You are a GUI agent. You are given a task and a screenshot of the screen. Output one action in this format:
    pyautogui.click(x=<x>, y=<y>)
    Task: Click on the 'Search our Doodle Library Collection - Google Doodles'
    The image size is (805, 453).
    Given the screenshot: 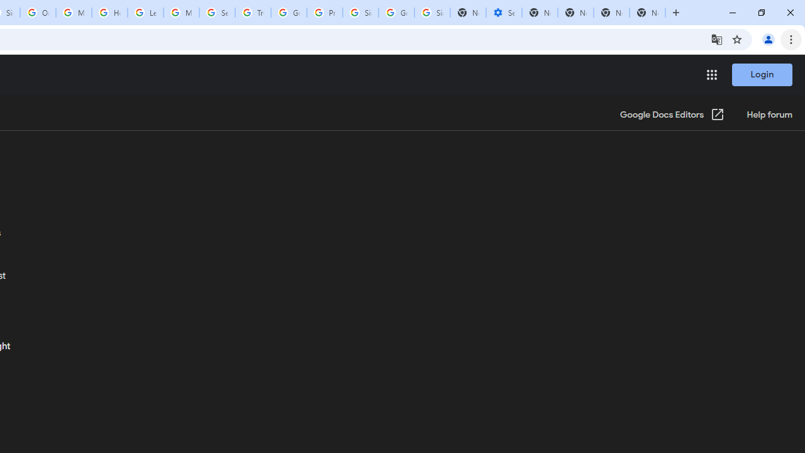 What is the action you would take?
    pyautogui.click(x=217, y=13)
    